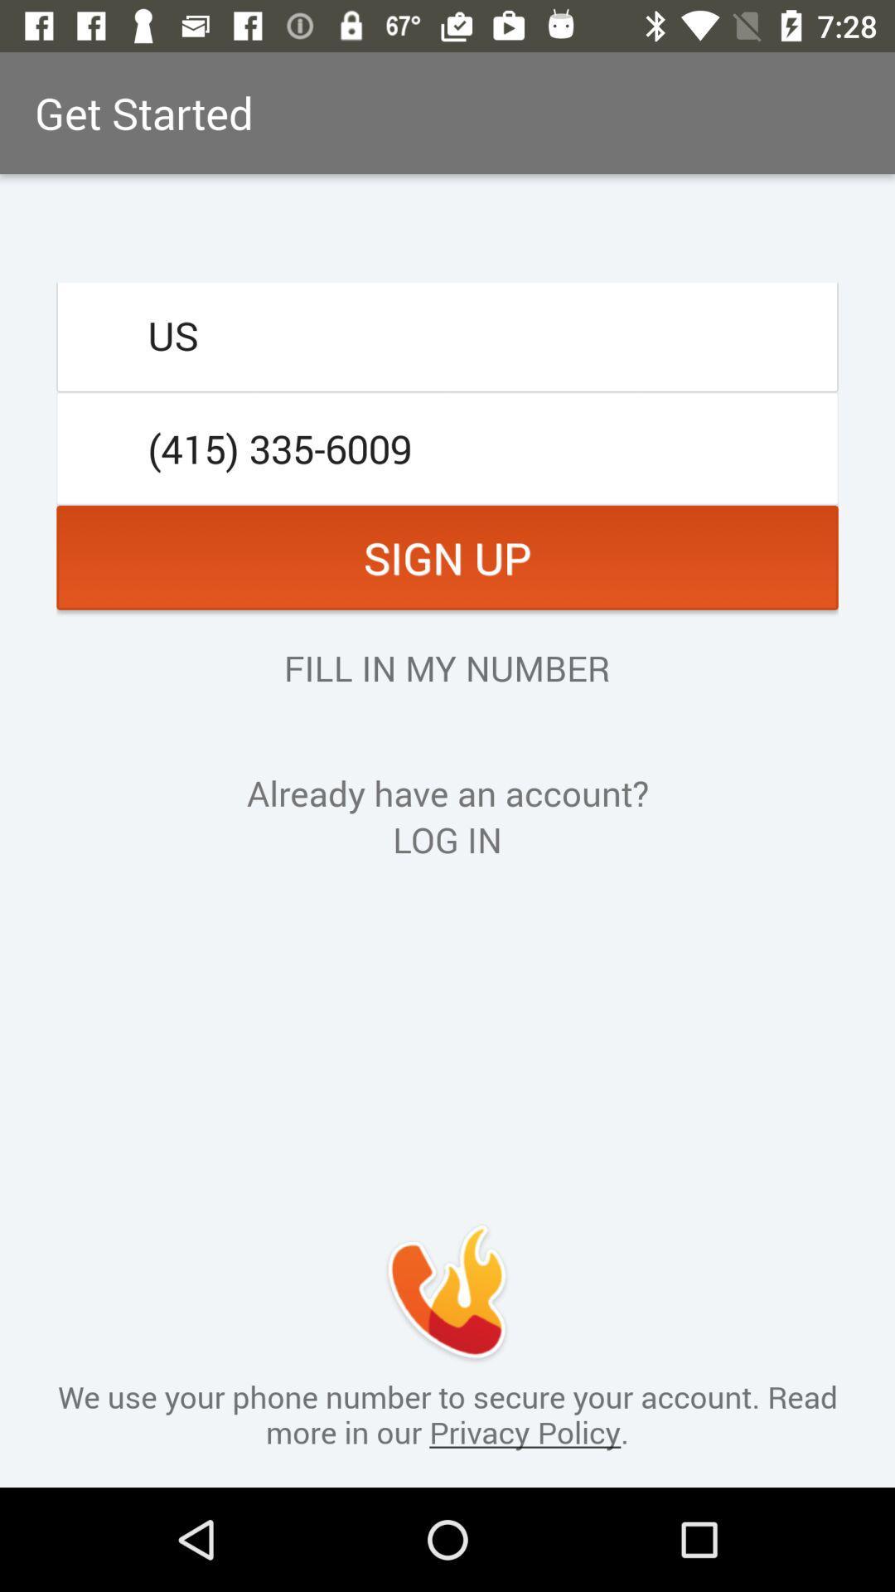  Describe the element at coordinates (447, 449) in the screenshot. I see `the item above the sign up icon` at that location.